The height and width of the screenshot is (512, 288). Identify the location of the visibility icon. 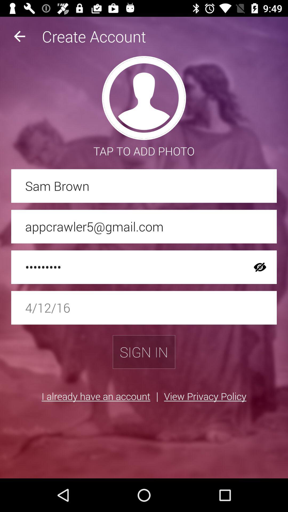
(260, 267).